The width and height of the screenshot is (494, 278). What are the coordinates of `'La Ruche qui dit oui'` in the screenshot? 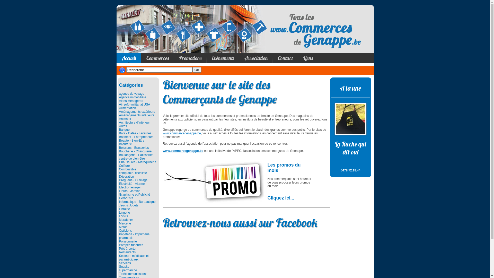 It's located at (350, 119).